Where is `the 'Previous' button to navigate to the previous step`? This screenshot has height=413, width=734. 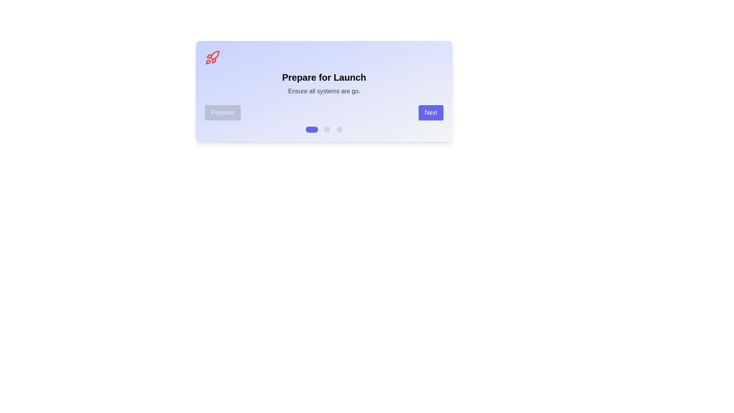
the 'Previous' button to navigate to the previous step is located at coordinates (222, 112).